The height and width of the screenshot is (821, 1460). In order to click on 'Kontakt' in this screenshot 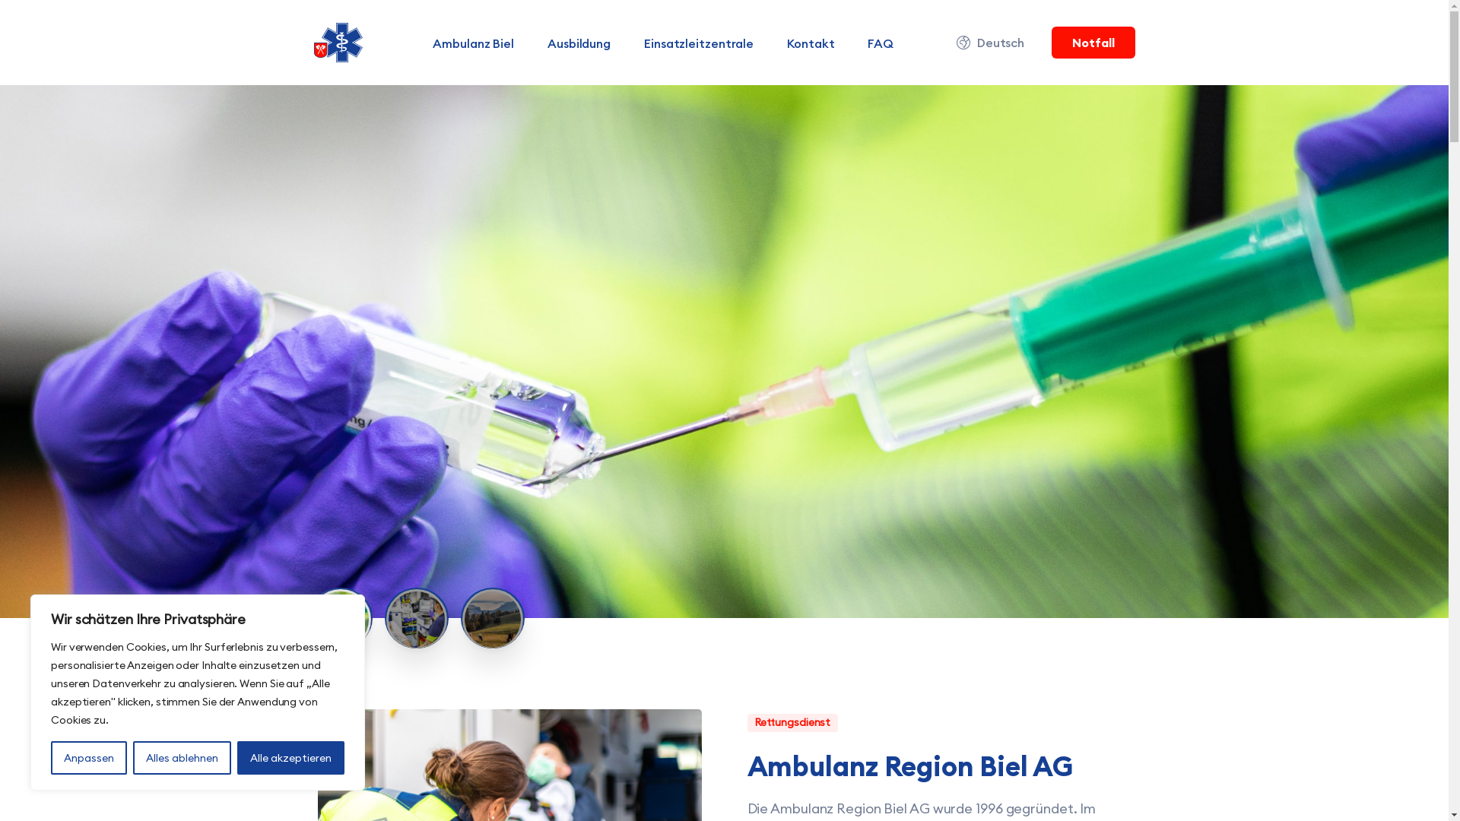, I will do `click(777, 42)`.